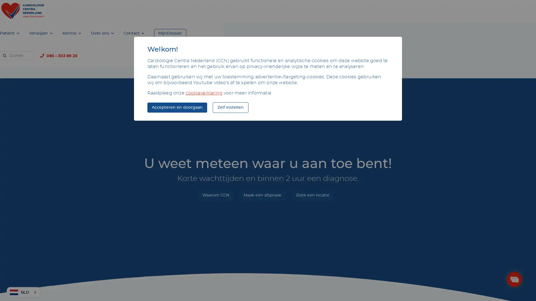  Describe the element at coordinates (177, 107) in the screenshot. I see `Accepteren en doorgaan` at that location.